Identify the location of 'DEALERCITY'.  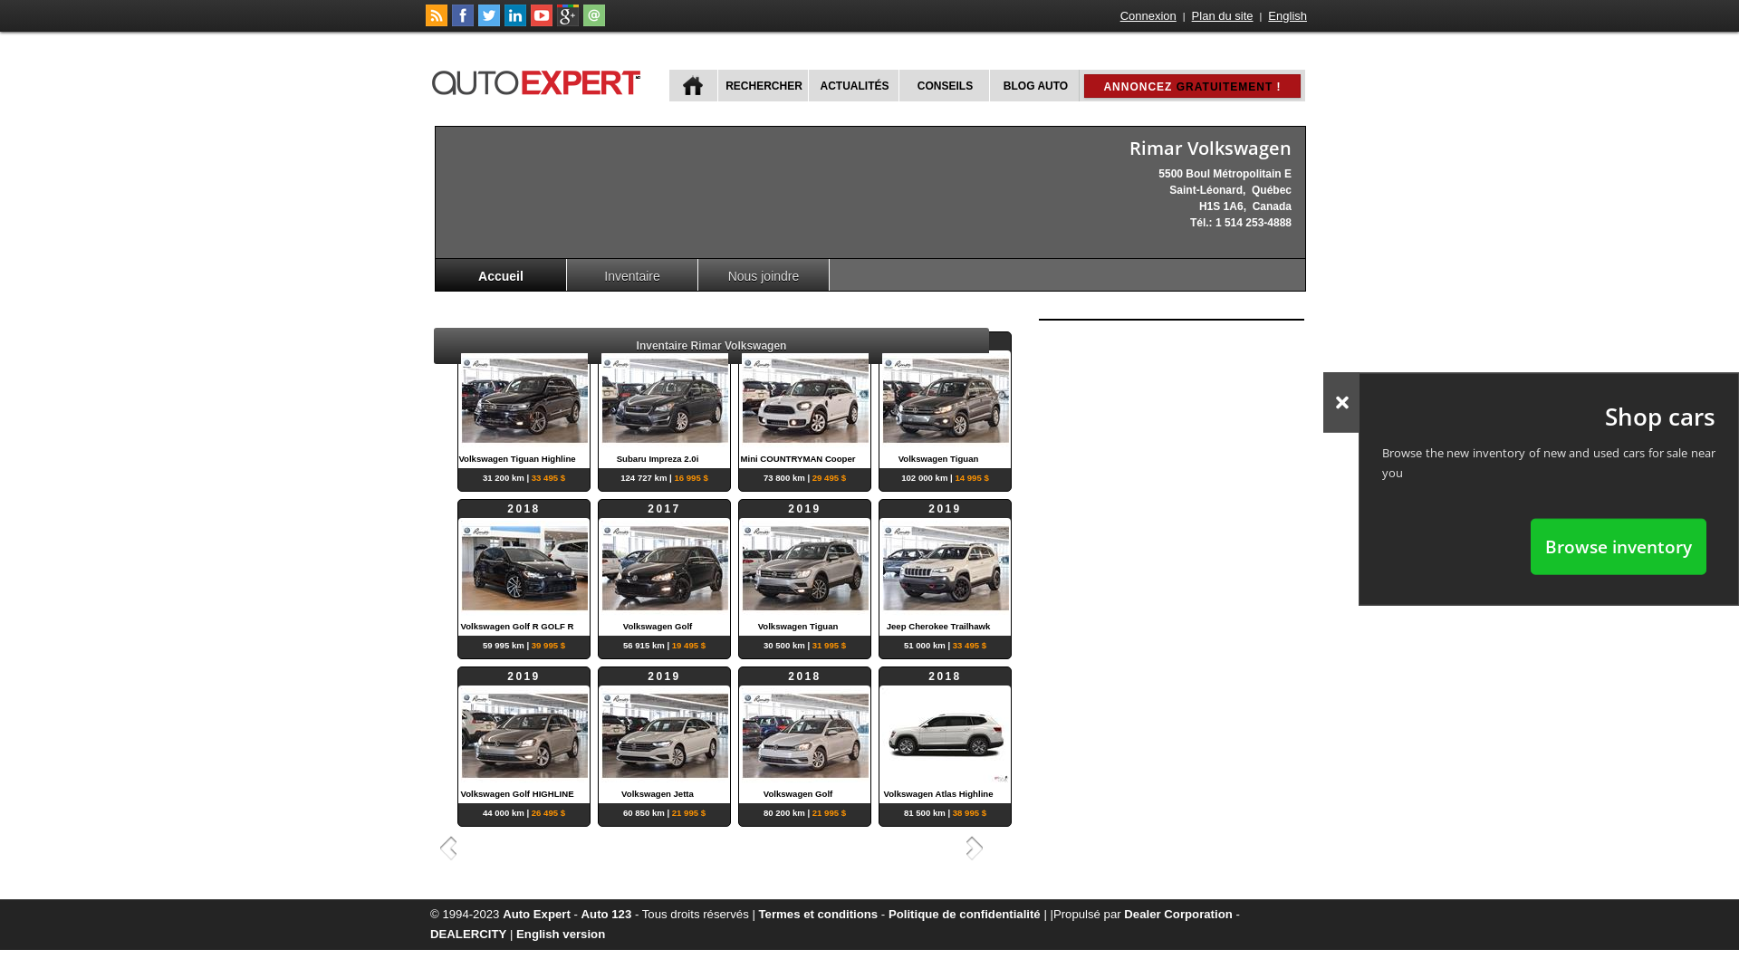
(468, 934).